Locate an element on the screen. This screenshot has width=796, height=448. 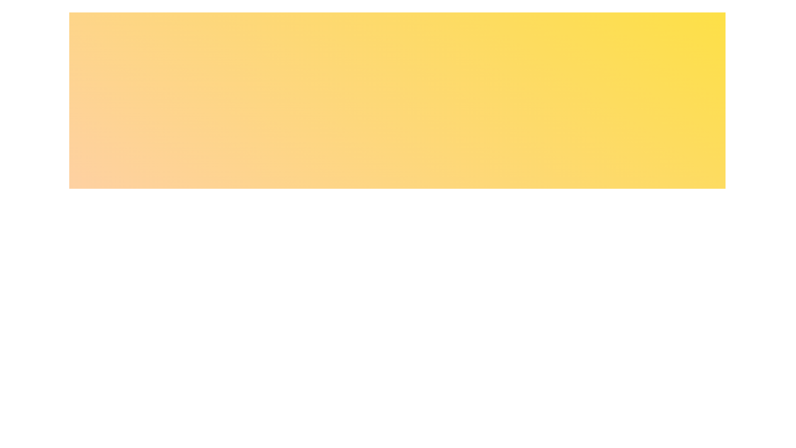
the 'Toggle Menu' button to toggle the visibility of the menu is located at coordinates (397, 201).